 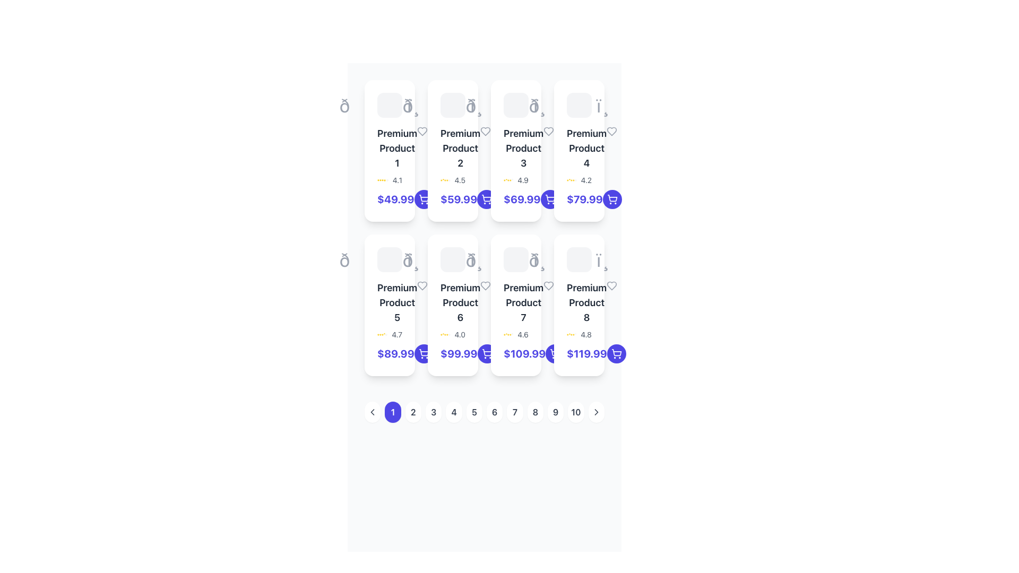 I want to click on the 'Premium Product 3' text label, which is prominently displayed in a bold, large font as a header for the third product card in the grid layout, so click(x=516, y=149).